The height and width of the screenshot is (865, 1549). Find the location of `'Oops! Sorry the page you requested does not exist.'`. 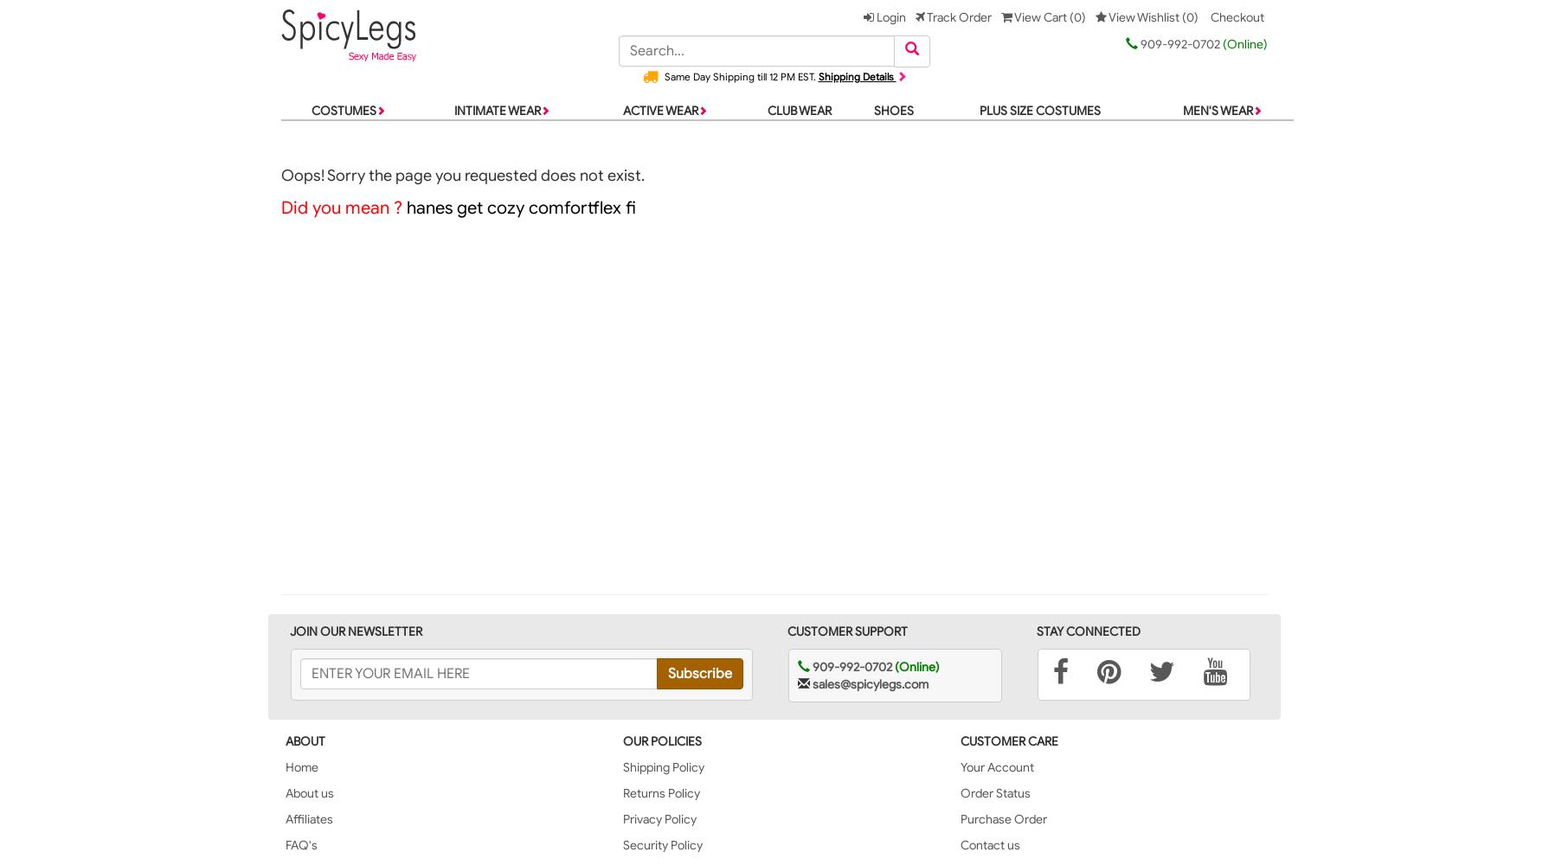

'Oops! Sorry the page you requested does not exist.' is located at coordinates (281, 174).